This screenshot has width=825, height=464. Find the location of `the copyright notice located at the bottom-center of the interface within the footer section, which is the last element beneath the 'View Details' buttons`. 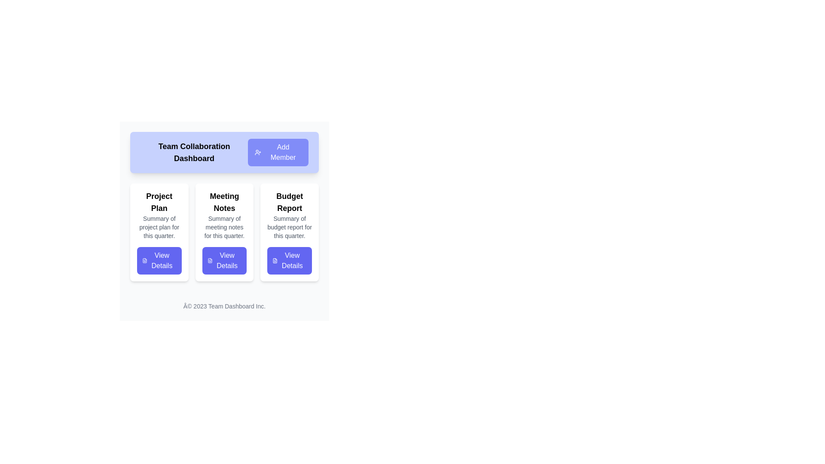

the copyright notice located at the bottom-center of the interface within the footer section, which is the last element beneath the 'View Details' buttons is located at coordinates (224, 306).